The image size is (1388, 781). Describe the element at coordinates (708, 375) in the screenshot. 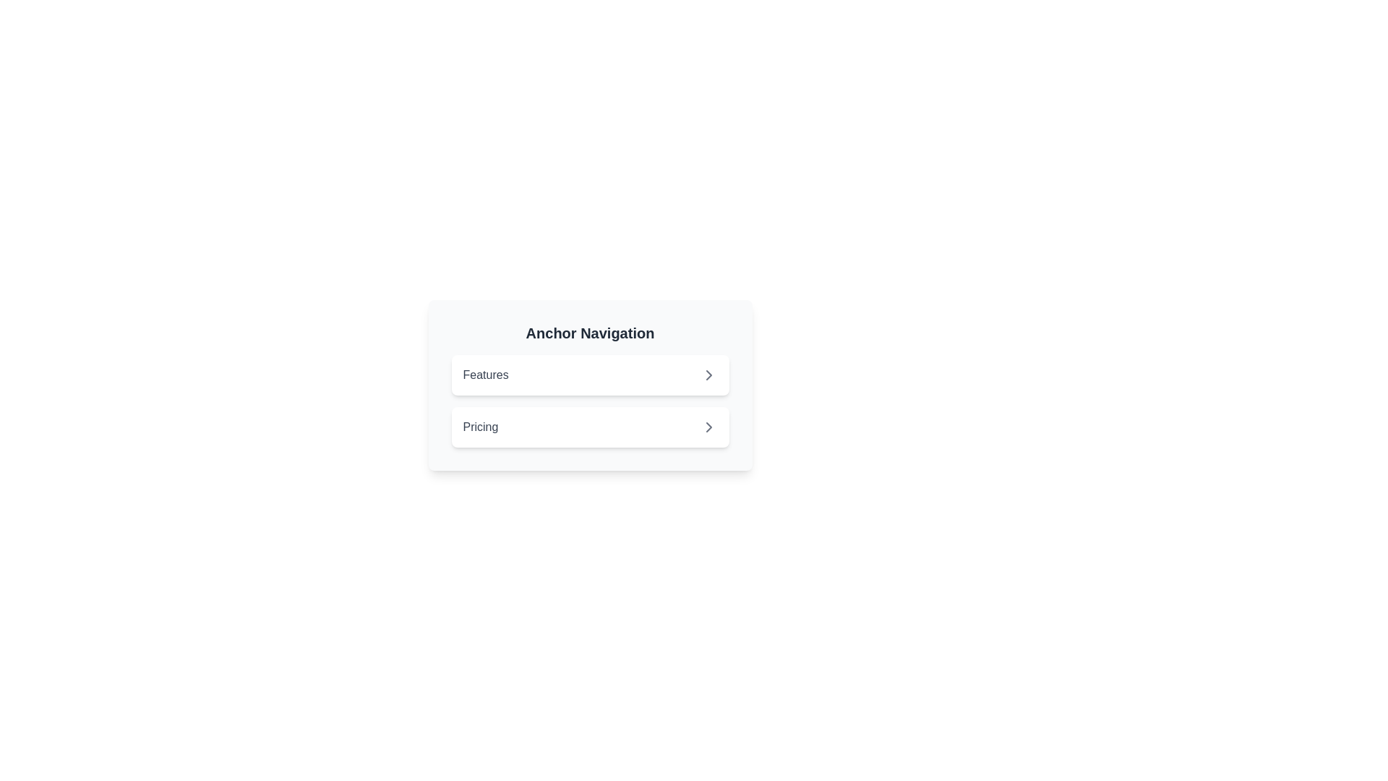

I see `the chevron-right icon in the SVG element located to the right of the 'Features' text label` at that location.